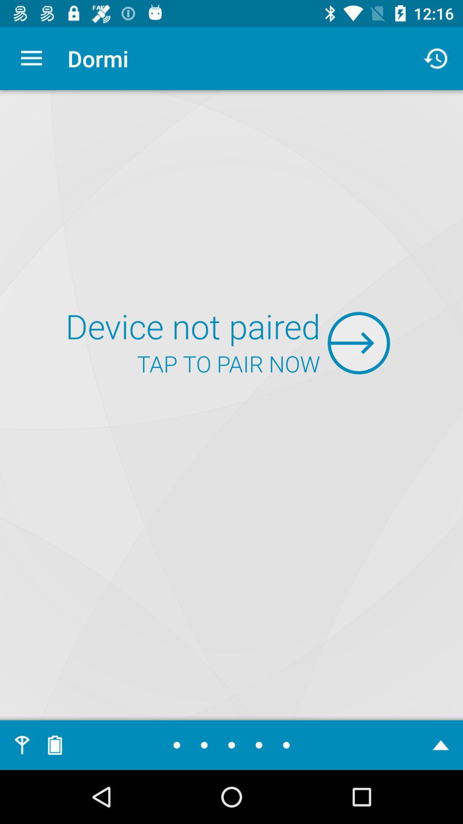  Describe the element at coordinates (436, 58) in the screenshot. I see `app next to the dormi icon` at that location.